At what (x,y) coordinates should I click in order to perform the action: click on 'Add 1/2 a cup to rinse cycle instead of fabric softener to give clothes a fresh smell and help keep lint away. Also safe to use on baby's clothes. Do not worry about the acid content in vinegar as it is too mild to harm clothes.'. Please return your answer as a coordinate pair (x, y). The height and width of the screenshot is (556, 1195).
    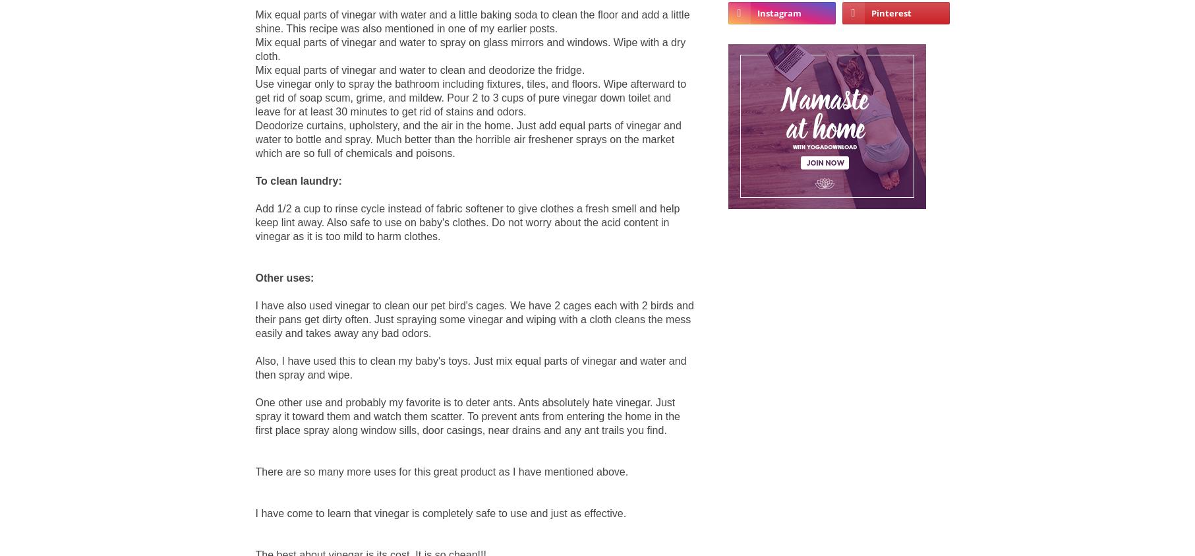
    Looking at the image, I should click on (467, 221).